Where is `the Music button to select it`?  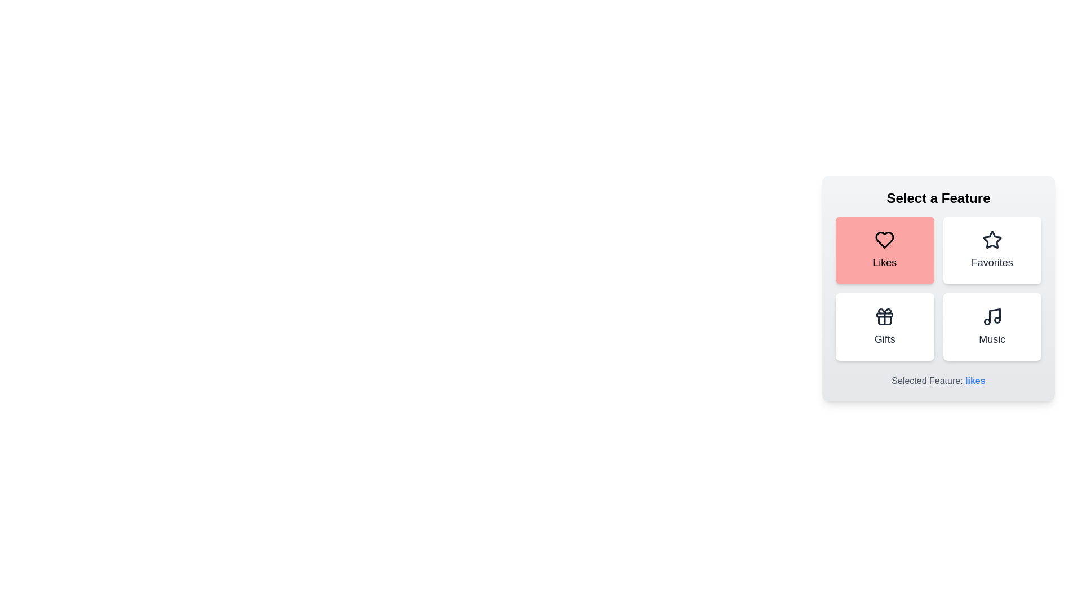 the Music button to select it is located at coordinates (992, 326).